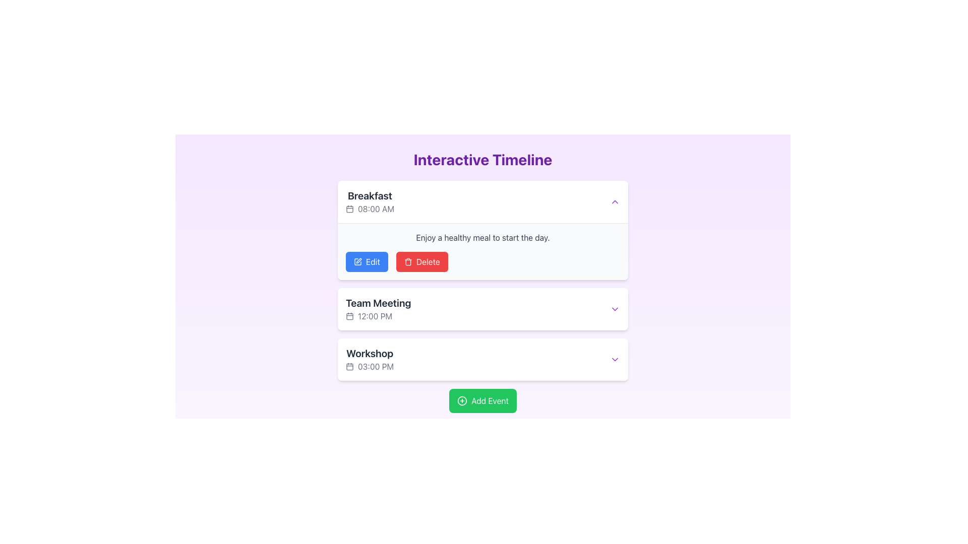 The image size is (968, 544). What do you see at coordinates (369, 367) in the screenshot?
I see `the text element displaying '03:00 PM' with a calendar icon, located in the bottom section of the 'Workshop' event box in the interactive timeline` at bounding box center [369, 367].